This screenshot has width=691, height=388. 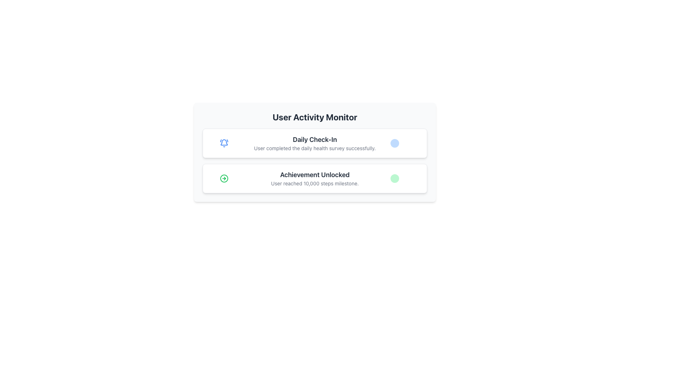 What do you see at coordinates (315, 148) in the screenshot?
I see `the text label displaying 'User completed the daily health survey successfully.' located below the 'Daily Check-In' header in the 'User Activity Monitor' interface` at bounding box center [315, 148].